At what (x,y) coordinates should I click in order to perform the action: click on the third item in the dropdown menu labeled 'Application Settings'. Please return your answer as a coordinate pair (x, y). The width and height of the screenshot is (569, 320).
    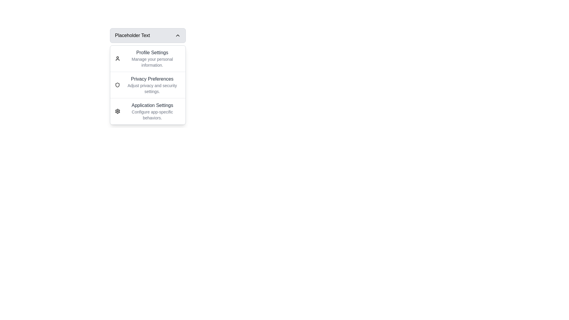
    Looking at the image, I should click on (148, 111).